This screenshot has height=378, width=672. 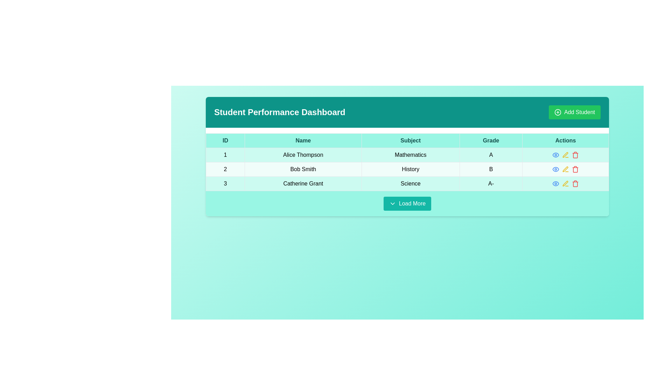 I want to click on the button located at the top right corner of the 'Student Performance Dashboard' header to change its color, so click(x=574, y=112).